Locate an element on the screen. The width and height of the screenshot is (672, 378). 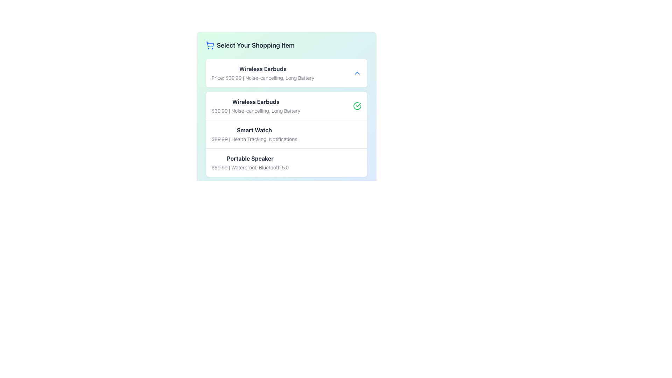
the 'Wireless Earbuds' text block element is located at coordinates (255, 106).